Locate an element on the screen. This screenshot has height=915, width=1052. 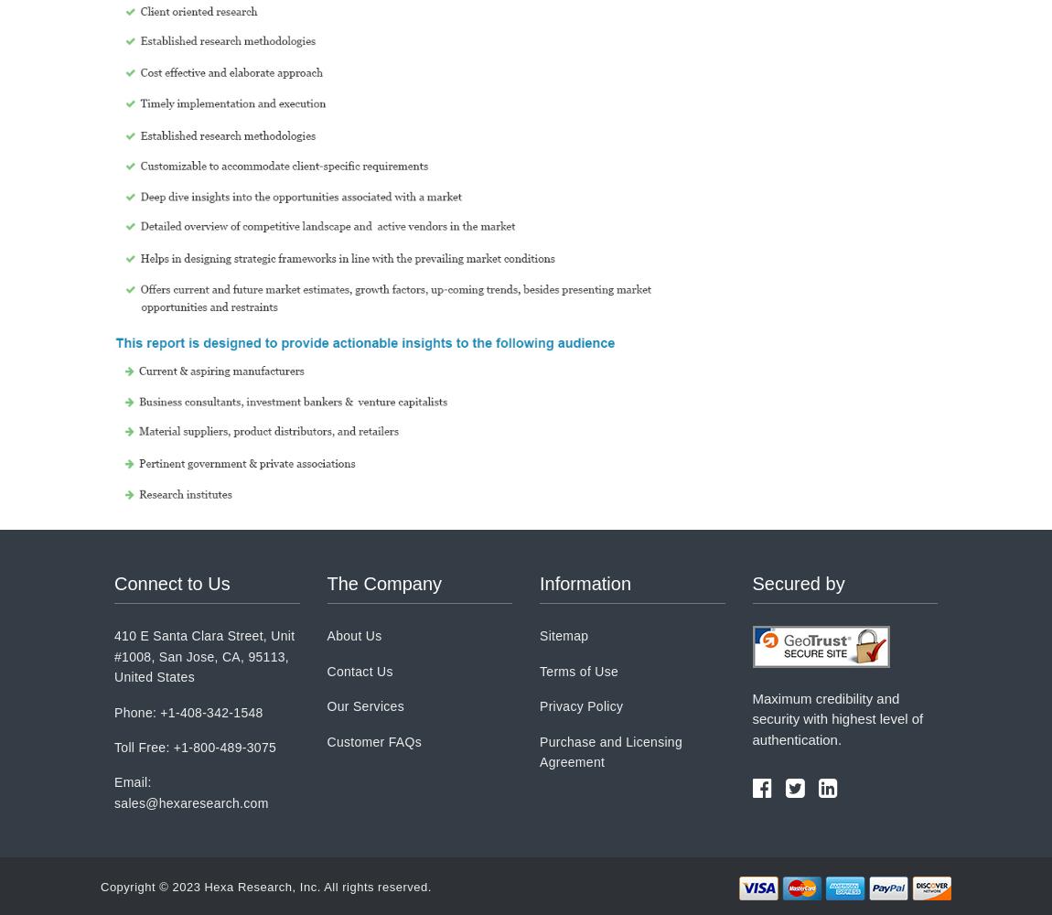
'Connect to Us' is located at coordinates (171, 584).